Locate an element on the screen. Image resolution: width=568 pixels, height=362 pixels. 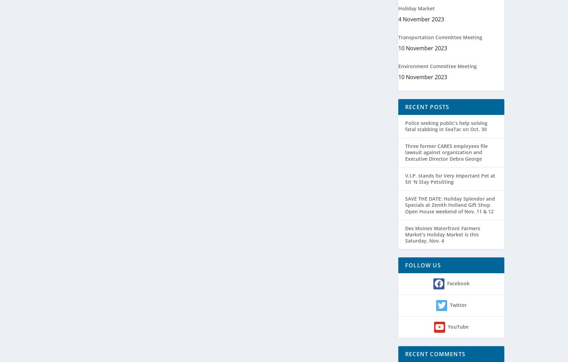
'Holiday Market' is located at coordinates (416, 8).